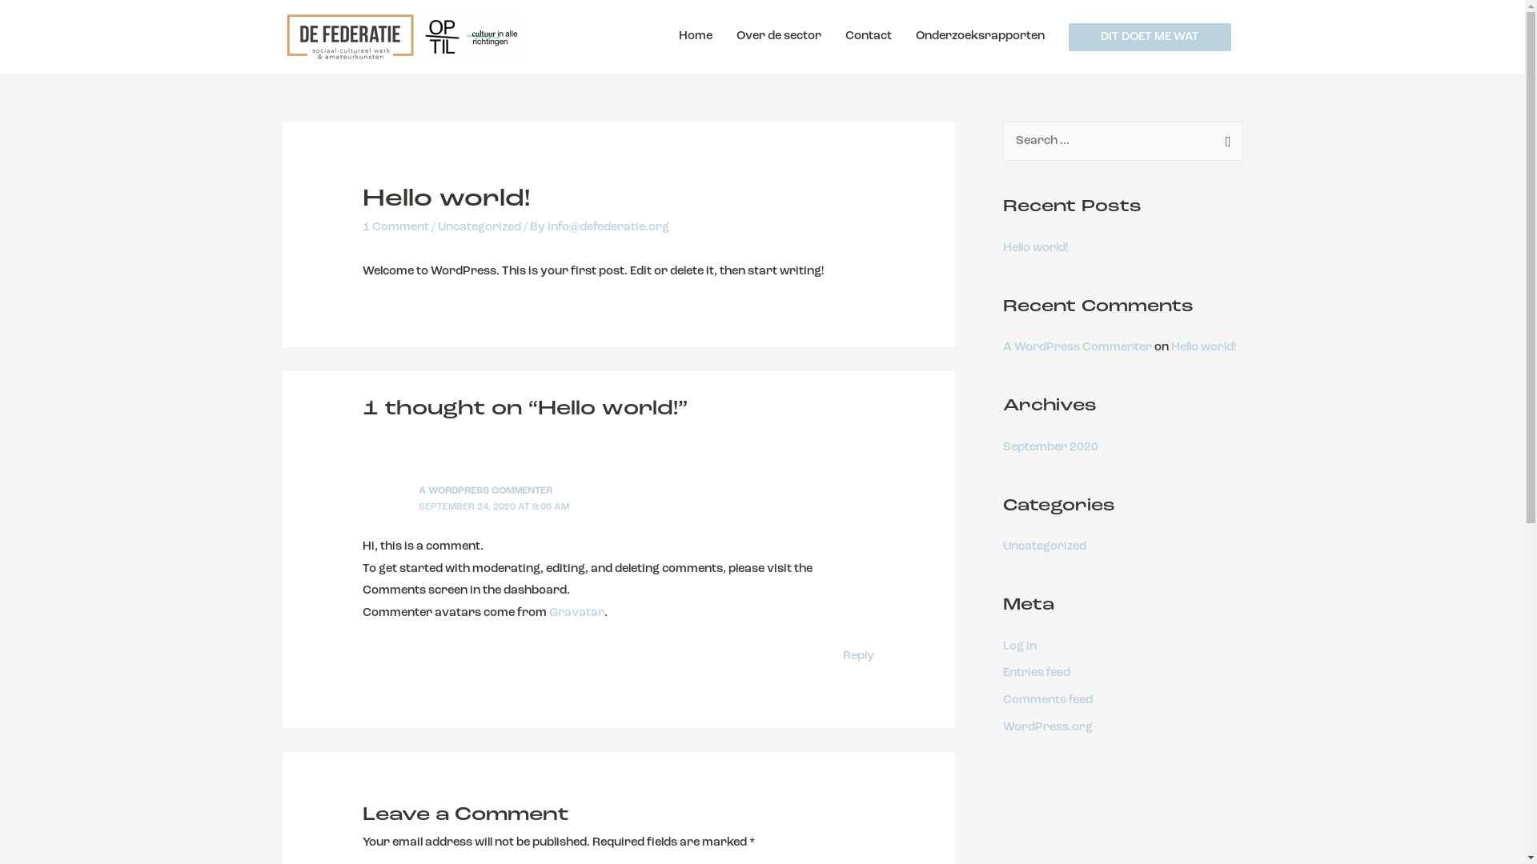  I want to click on 'SEPTEMBER 24, 2020 AT 9:06 AM', so click(493, 506).